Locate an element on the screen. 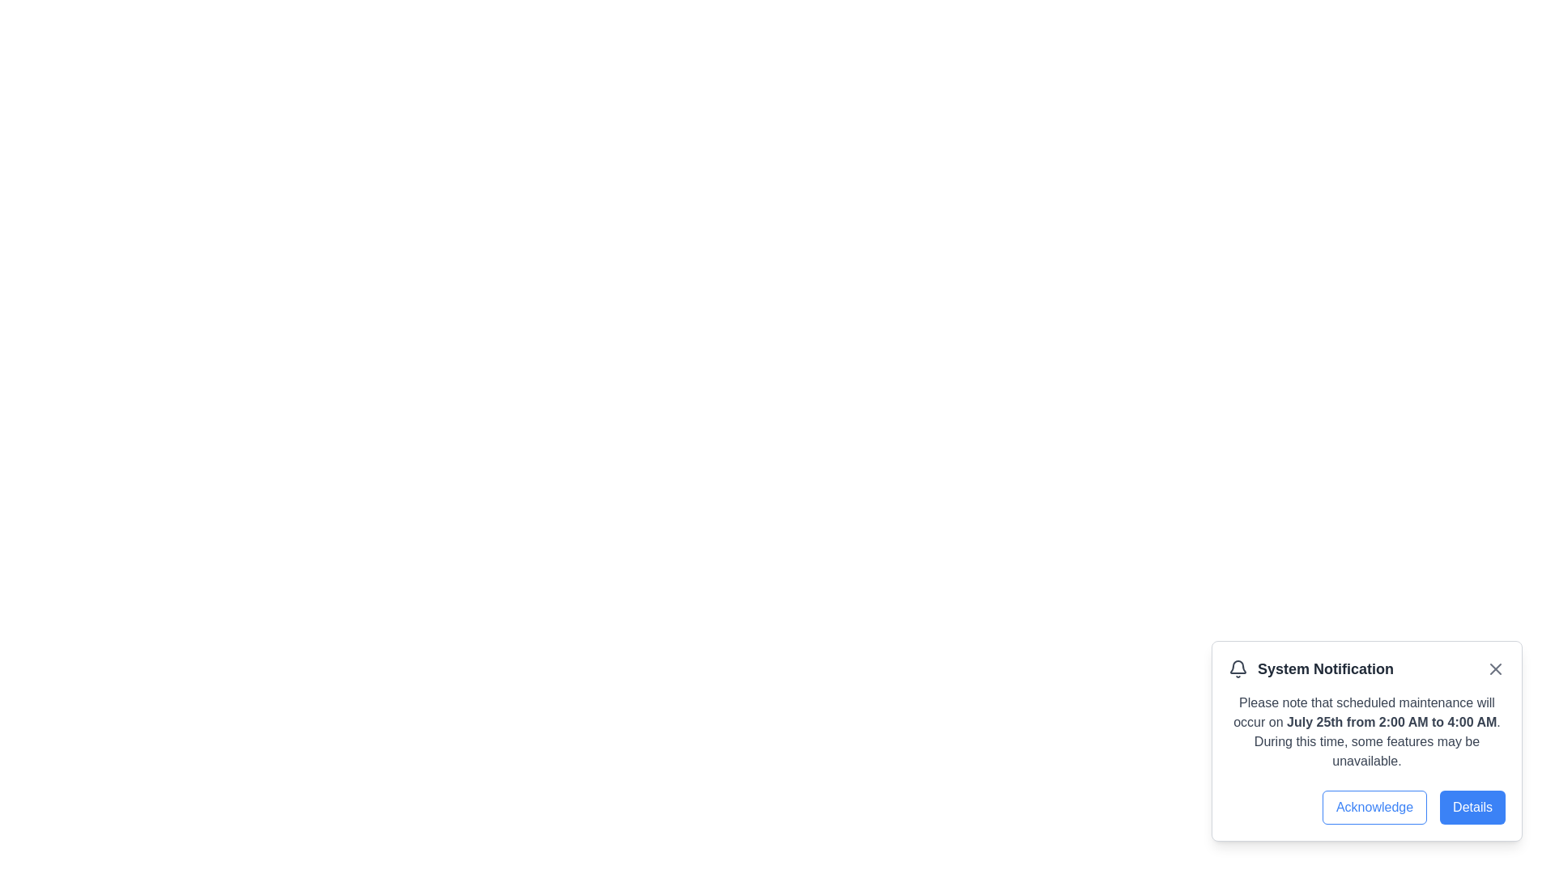 The image size is (1555, 874). title 'System Notification' from the header bar located at the top of the notification modal, which includes a bell icon on the left and a close 'X' button on the right is located at coordinates (1366, 668).